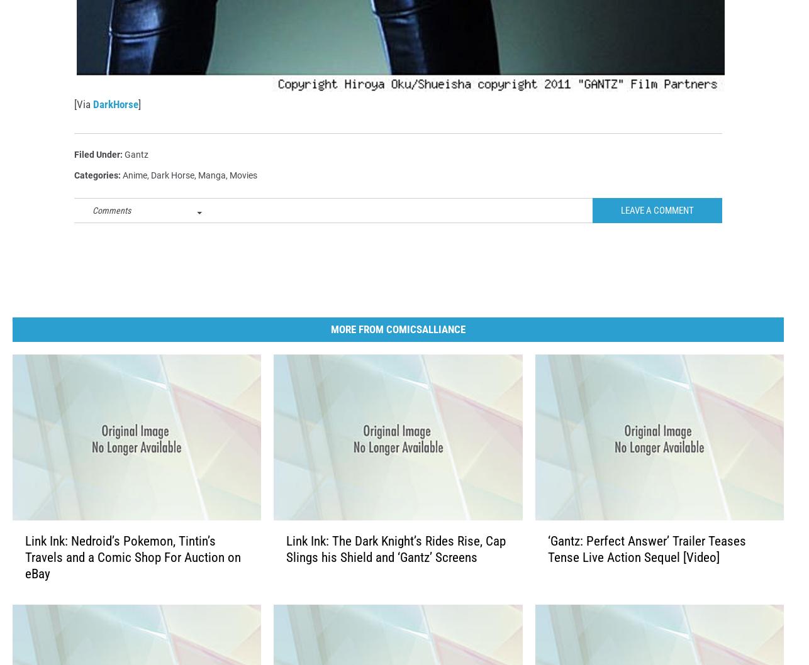 The width and height of the screenshot is (809, 665). Describe the element at coordinates (172, 195) in the screenshot. I see `'Dark Horse'` at that location.